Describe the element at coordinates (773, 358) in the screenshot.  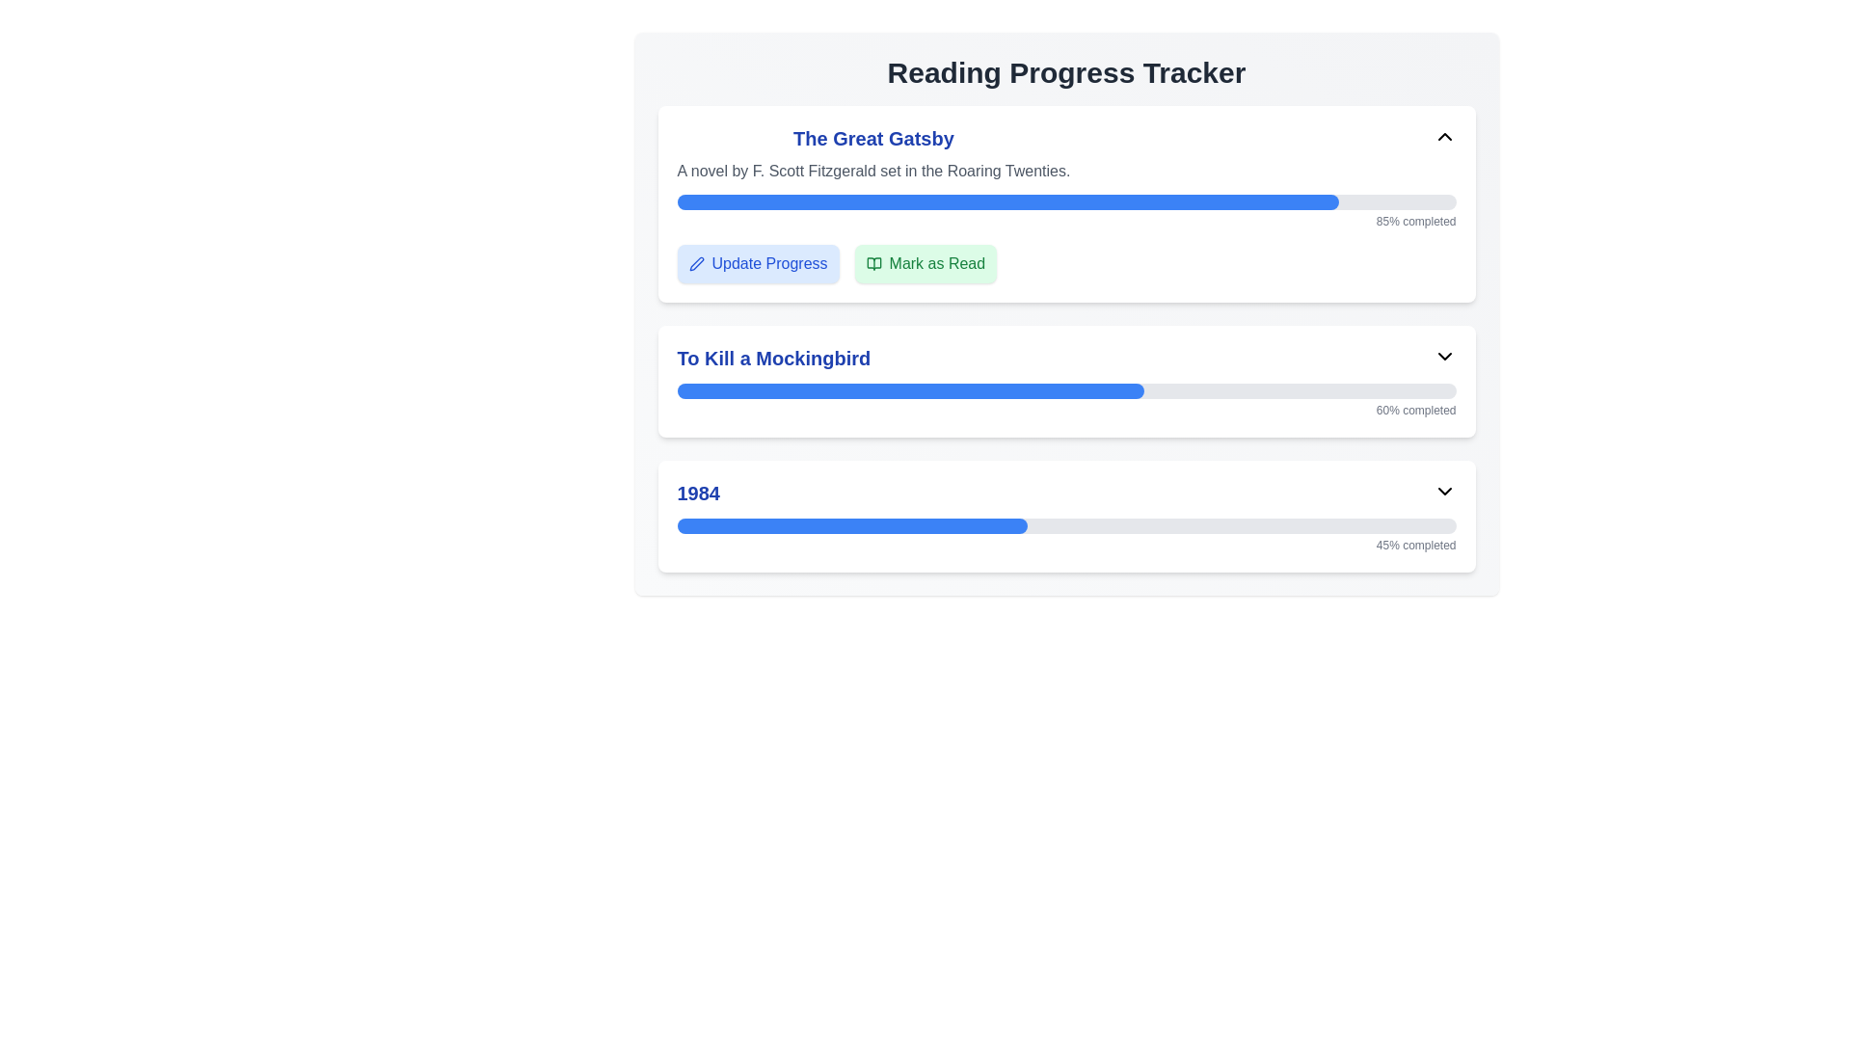
I see `title of the book displayed in the Text element located in the second section of the reading progress tracker, above the blue progress bar and to the left of the dropdown icon` at that location.